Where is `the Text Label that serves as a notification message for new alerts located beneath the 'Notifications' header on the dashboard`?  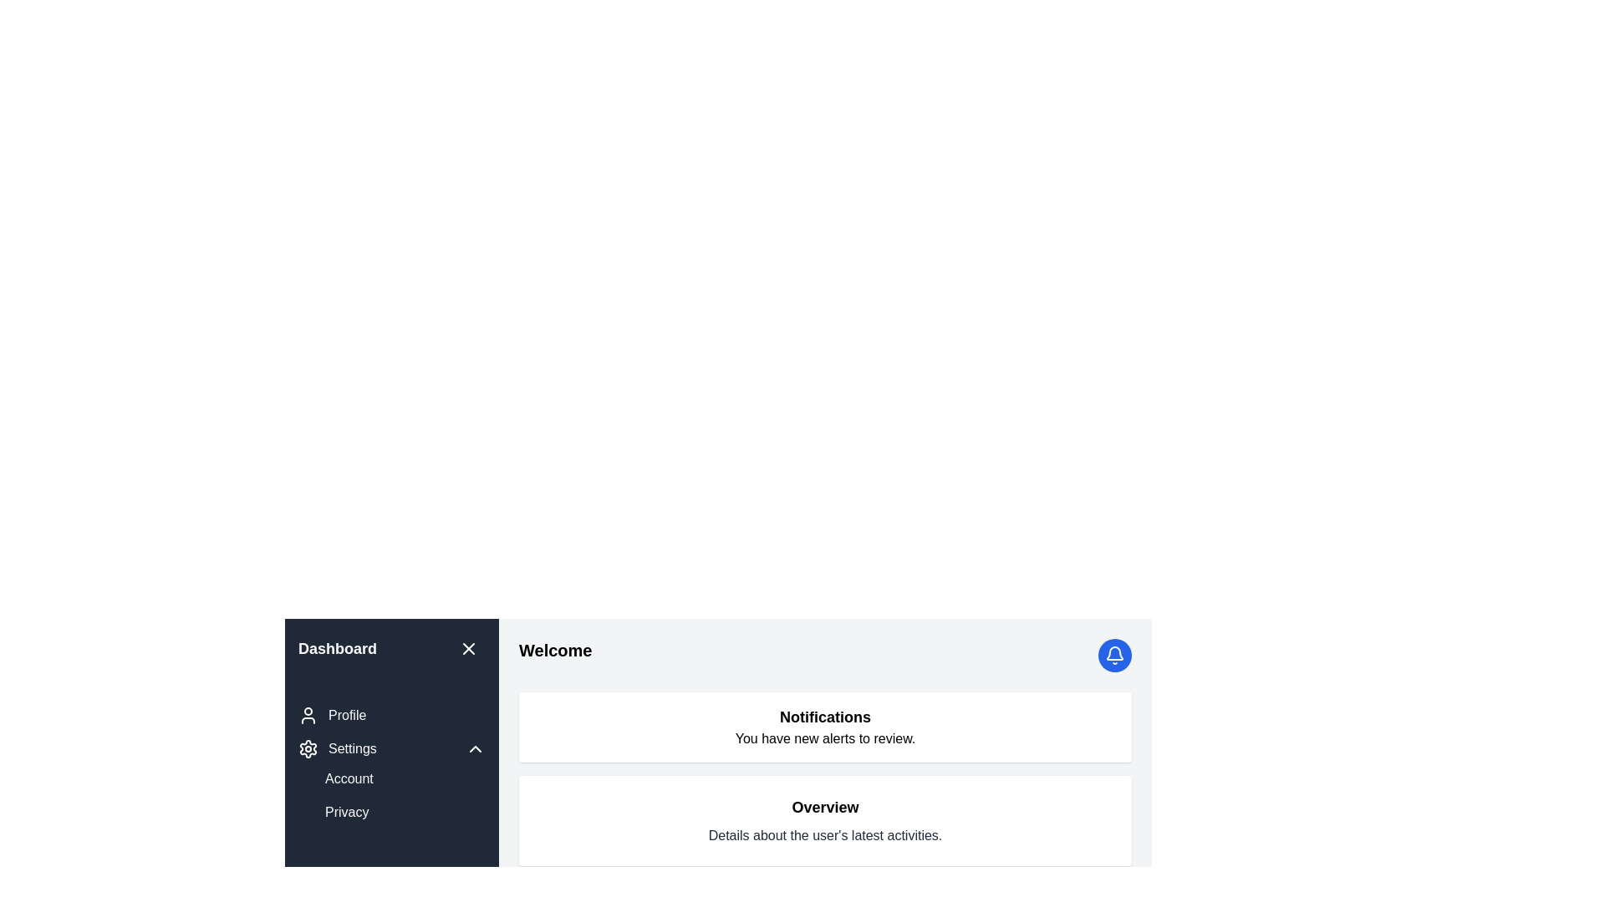
the Text Label that serves as a notification message for new alerts located beneath the 'Notifications' header on the dashboard is located at coordinates (825, 737).